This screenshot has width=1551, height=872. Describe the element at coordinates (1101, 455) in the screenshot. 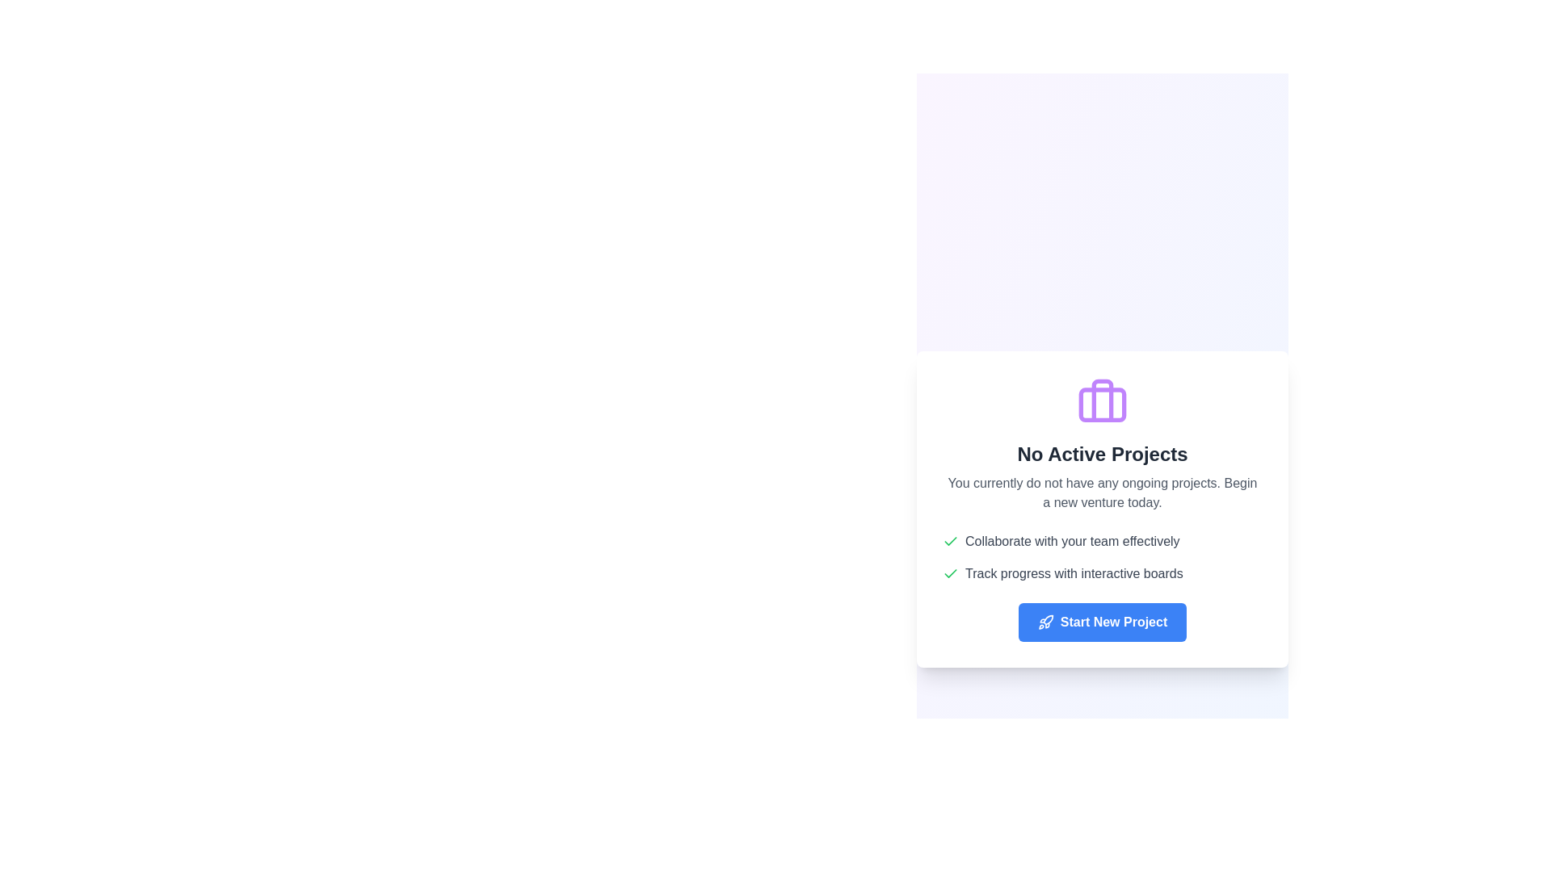

I see `prominent heading text 'No Active Projects' displayed in bold, large font, centrally located beneath a purple briefcase icon` at that location.